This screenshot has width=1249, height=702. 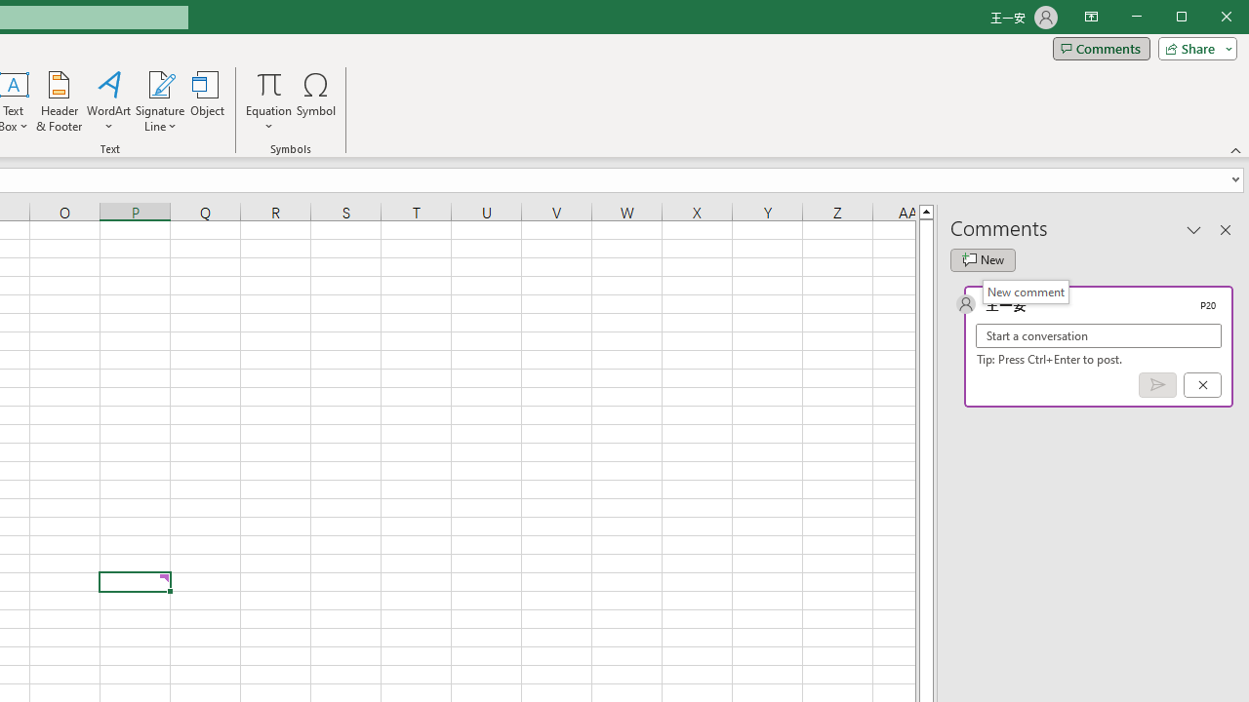 I want to click on 'Minimize', so click(x=1187, y=19).